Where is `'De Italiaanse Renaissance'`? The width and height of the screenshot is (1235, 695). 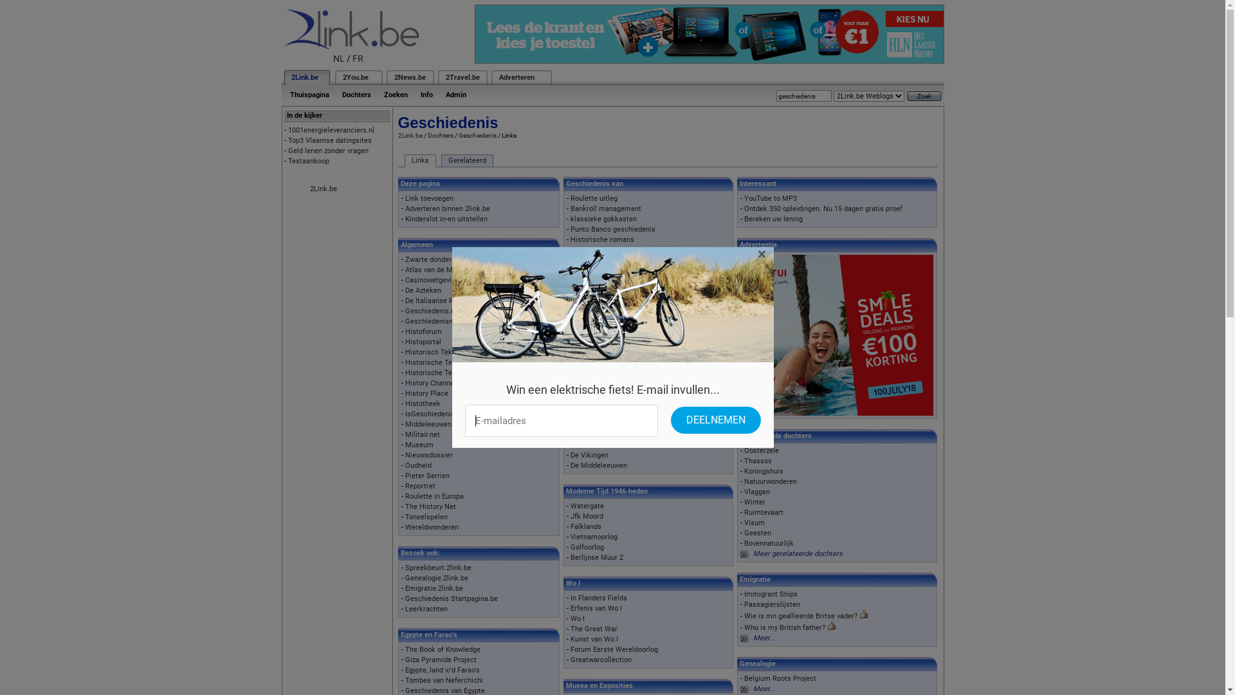 'De Italiaanse Renaissance' is located at coordinates (448, 301).